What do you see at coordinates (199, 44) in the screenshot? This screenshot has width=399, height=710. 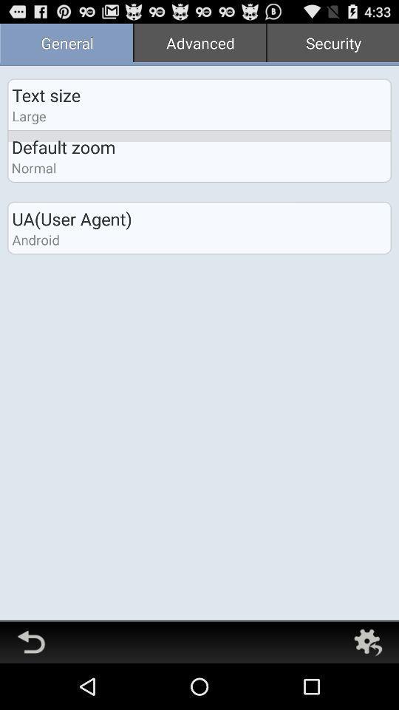 I see `the button which is next to the general` at bounding box center [199, 44].